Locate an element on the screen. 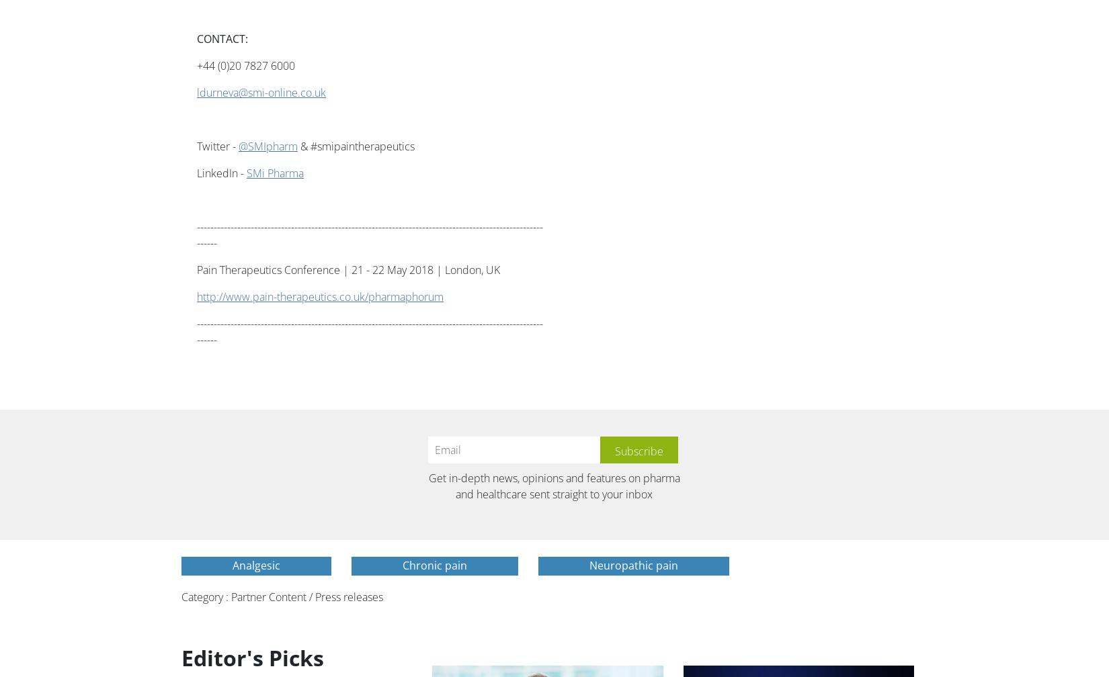 The image size is (1109, 677). 'SMi Pharma' is located at coordinates (275, 173).